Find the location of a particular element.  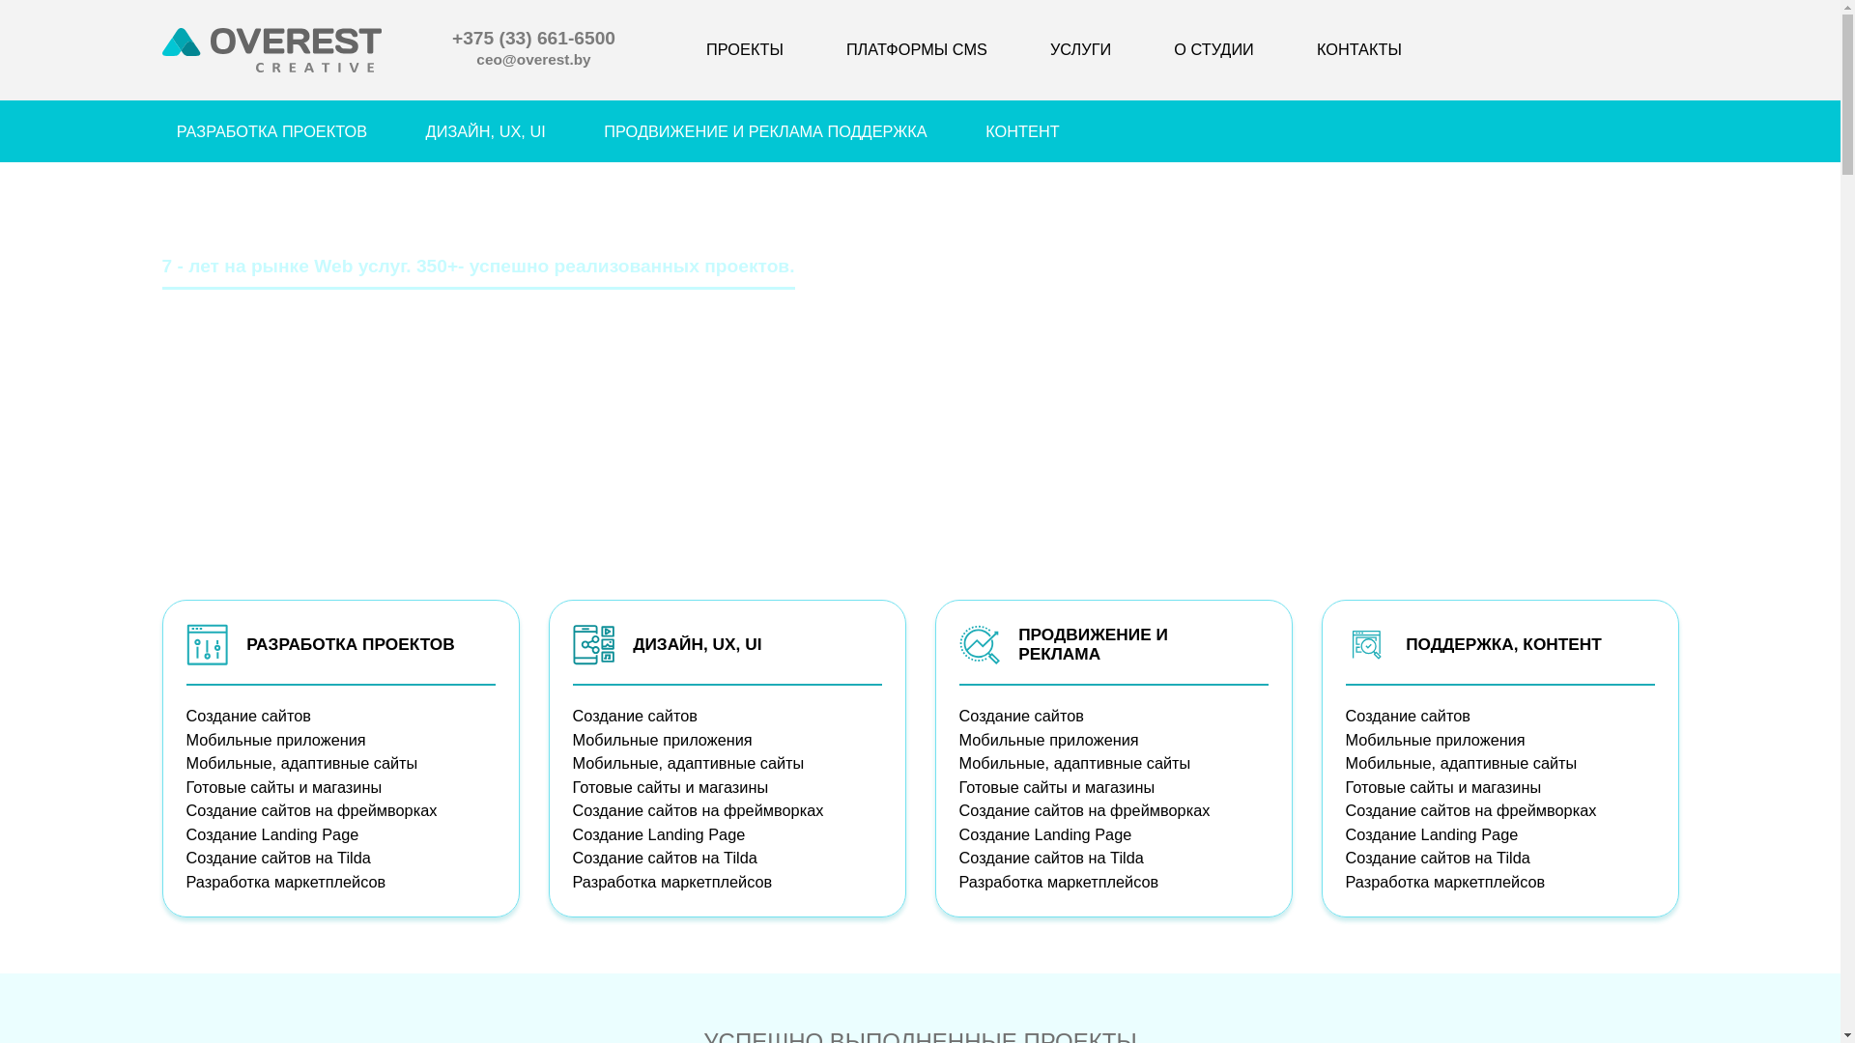

'ceo@overest.by' is located at coordinates (476, 61).